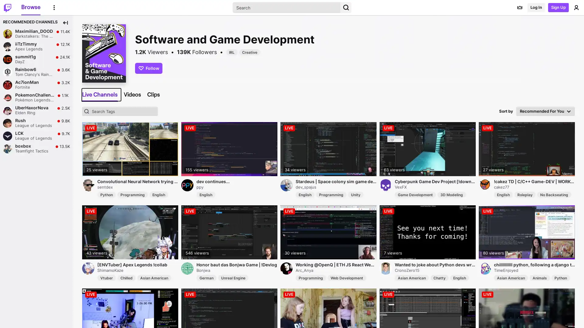 The height and width of the screenshot is (328, 584). What do you see at coordinates (311, 278) in the screenshot?
I see `Programming` at bounding box center [311, 278].